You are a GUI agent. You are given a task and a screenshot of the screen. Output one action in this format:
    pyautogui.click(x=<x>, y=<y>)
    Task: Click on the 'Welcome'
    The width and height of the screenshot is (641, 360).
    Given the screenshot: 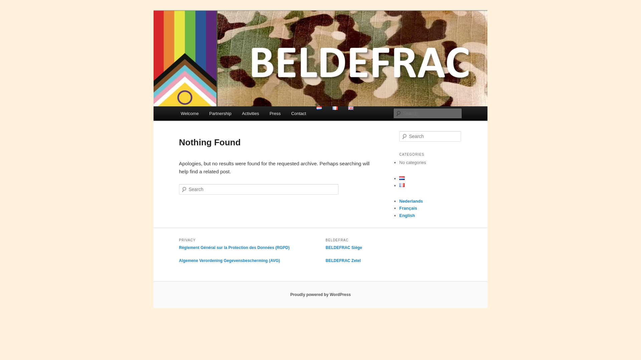 What is the action you would take?
    pyautogui.click(x=189, y=113)
    